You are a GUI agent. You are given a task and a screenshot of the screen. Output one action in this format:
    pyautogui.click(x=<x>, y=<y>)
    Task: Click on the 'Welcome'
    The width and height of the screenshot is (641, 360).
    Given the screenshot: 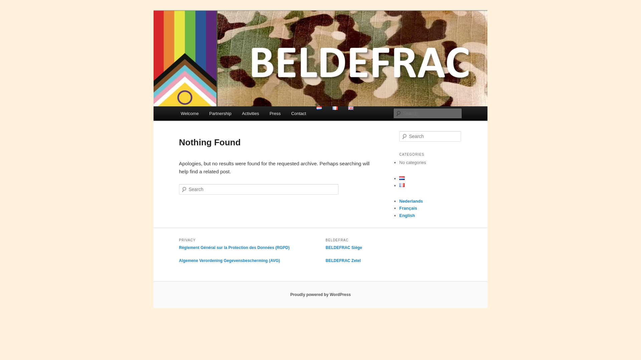 What is the action you would take?
    pyautogui.click(x=189, y=113)
    